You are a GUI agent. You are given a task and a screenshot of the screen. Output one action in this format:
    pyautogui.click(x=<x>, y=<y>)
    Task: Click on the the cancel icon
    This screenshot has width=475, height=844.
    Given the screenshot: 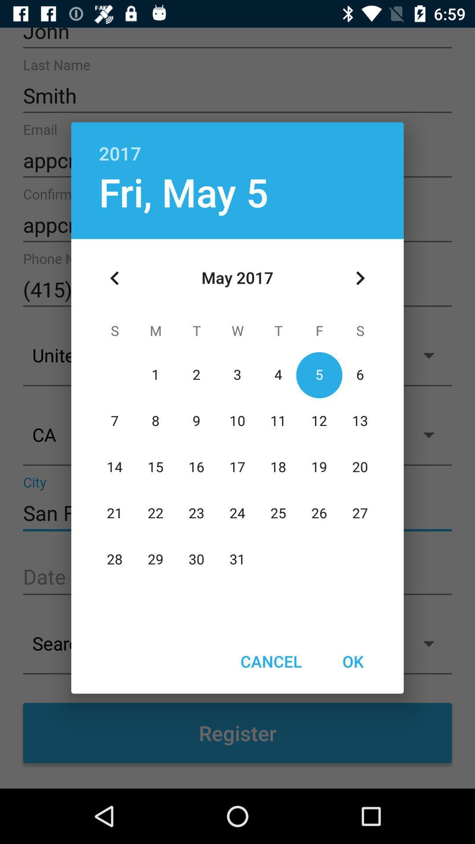 What is the action you would take?
    pyautogui.click(x=270, y=661)
    